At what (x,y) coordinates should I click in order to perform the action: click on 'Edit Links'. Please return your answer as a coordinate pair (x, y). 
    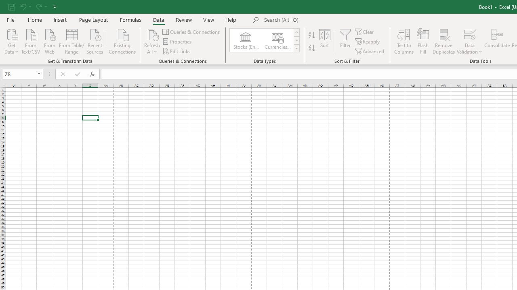
    Looking at the image, I should click on (177, 51).